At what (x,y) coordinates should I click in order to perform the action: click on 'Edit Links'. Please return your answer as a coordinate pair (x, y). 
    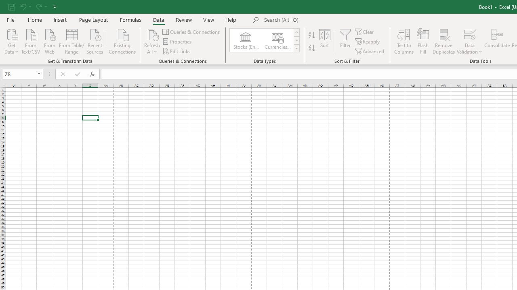
    Looking at the image, I should click on (177, 51).